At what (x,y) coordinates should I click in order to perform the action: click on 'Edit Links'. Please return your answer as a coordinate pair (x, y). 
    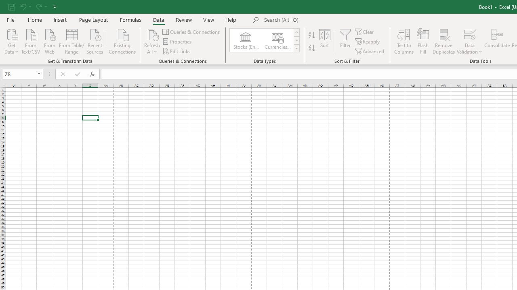
    Looking at the image, I should click on (177, 51).